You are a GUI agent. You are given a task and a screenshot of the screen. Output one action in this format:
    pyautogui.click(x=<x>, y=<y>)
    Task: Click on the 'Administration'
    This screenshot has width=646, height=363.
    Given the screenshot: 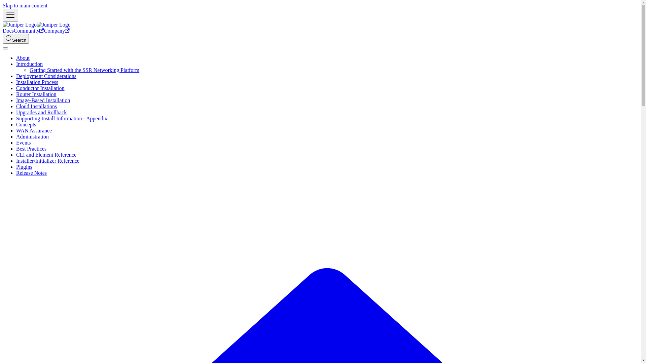 What is the action you would take?
    pyautogui.click(x=16, y=136)
    